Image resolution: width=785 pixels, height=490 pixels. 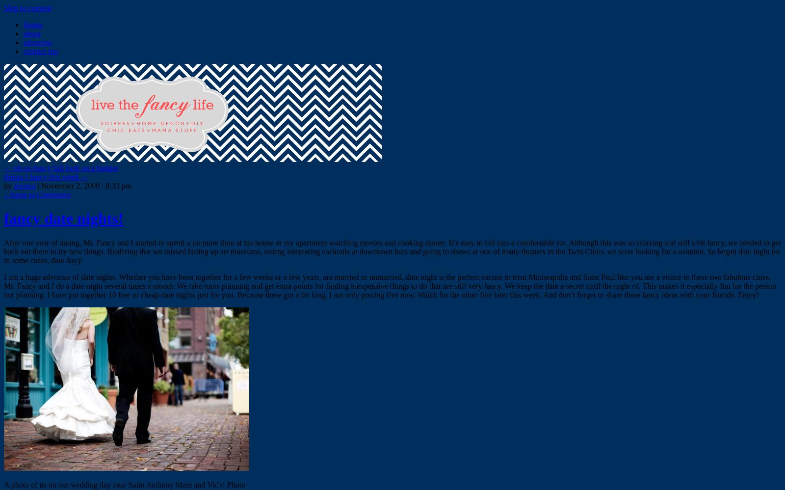 What do you see at coordinates (7, 185) in the screenshot?
I see `'by'` at bounding box center [7, 185].